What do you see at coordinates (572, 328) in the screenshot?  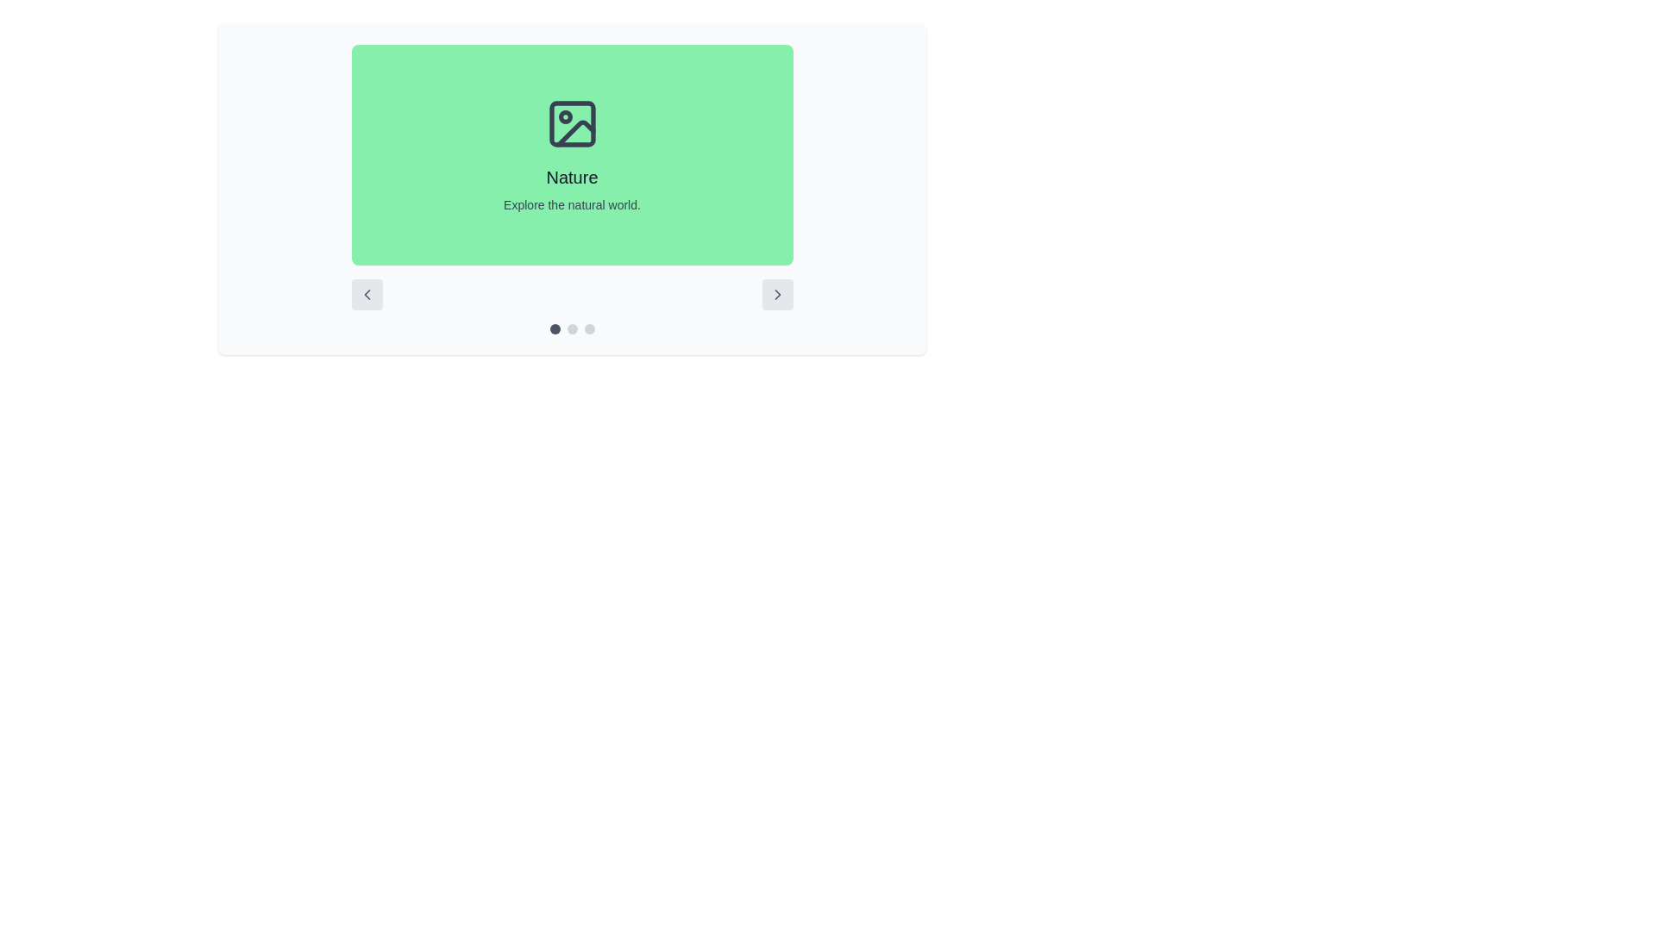 I see `the second circular Carousel indicator dot, which has a light gray background` at bounding box center [572, 328].